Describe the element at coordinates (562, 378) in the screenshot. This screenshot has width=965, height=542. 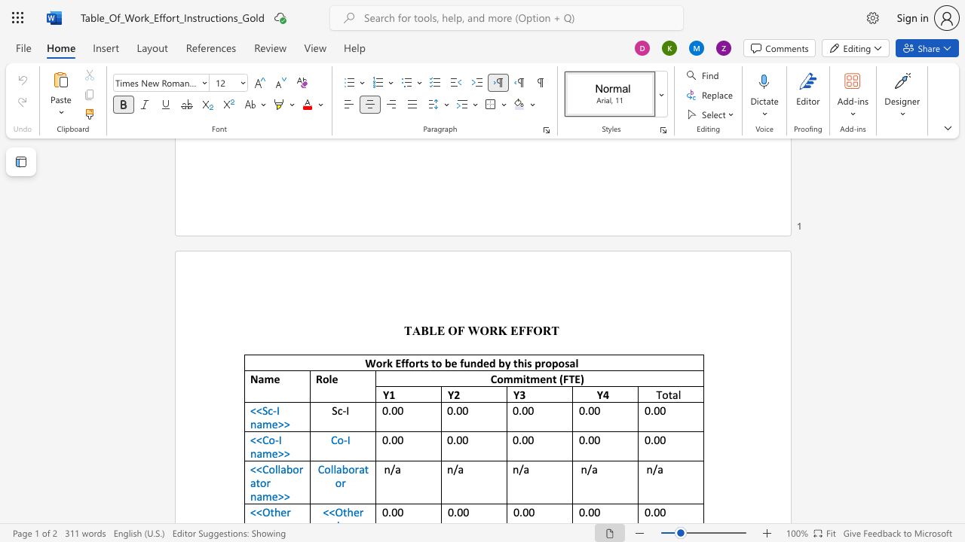
I see `the space between the continuous character "(" and "F" in the text` at that location.